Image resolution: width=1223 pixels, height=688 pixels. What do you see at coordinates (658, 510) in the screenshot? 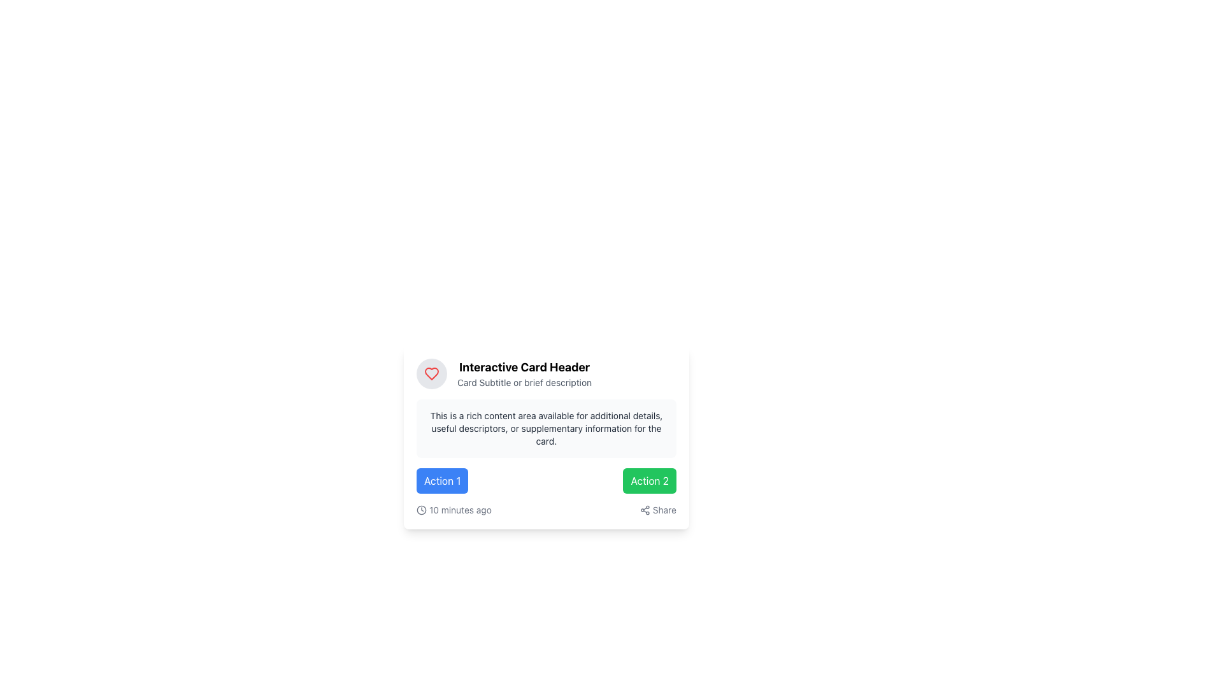
I see `the 'Share' button located at the bottom-right corner of the card layout, which features a network icon and the text 'Share'` at bounding box center [658, 510].